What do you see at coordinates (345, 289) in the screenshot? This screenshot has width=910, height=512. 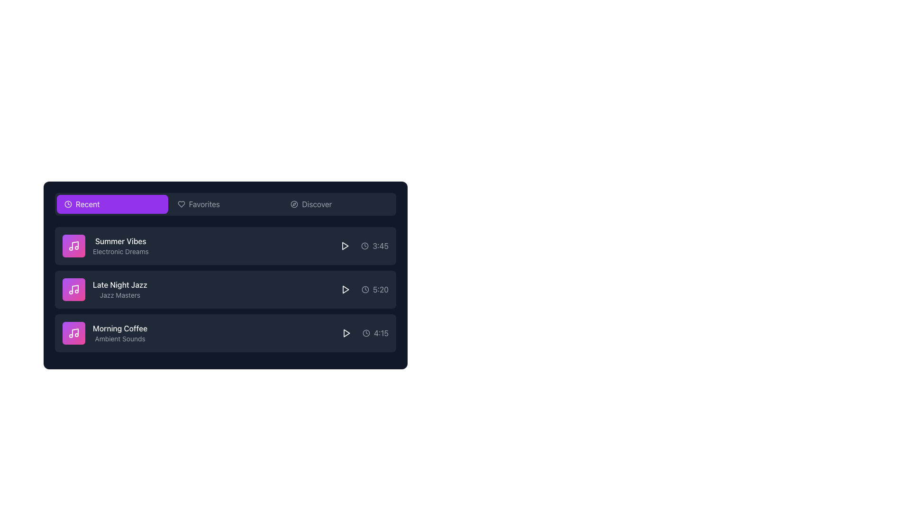 I see `the circular button with a triangular play icon located to the left of the track duration '5:20' in the row for 'Late Night Jazz' to initiate playback` at bounding box center [345, 289].